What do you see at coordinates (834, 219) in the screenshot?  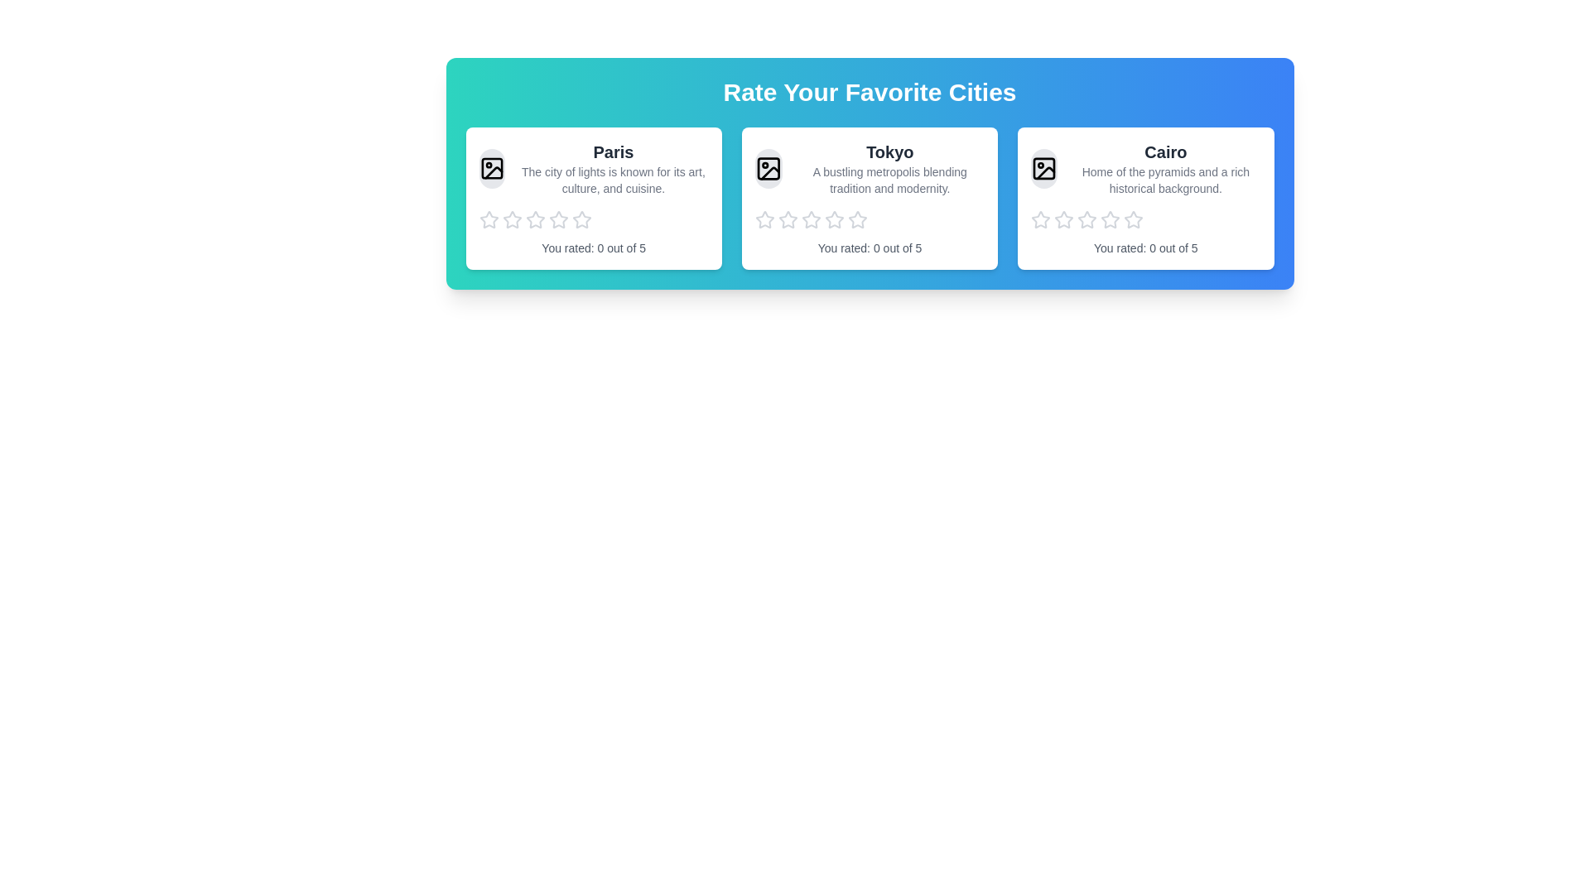 I see `the second star` at bounding box center [834, 219].